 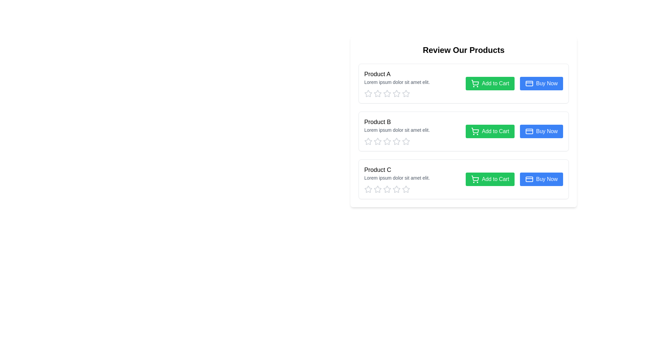 What do you see at coordinates (475, 82) in the screenshot?
I see `the add to cart icon located within the green 'Add to Cart' button of the first product listing, which is centered at the coordinates provided` at bounding box center [475, 82].